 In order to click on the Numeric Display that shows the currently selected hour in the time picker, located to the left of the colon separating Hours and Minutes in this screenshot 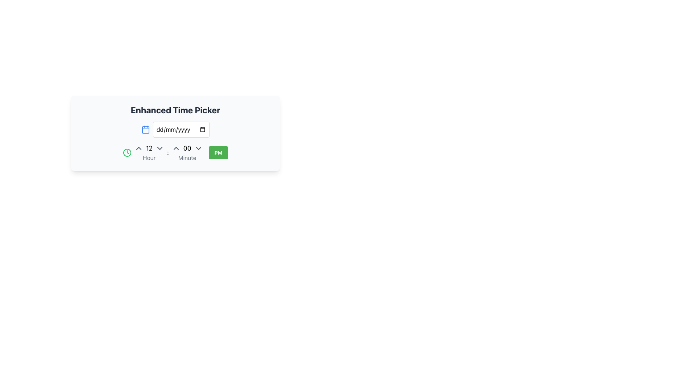, I will do `click(149, 148)`.